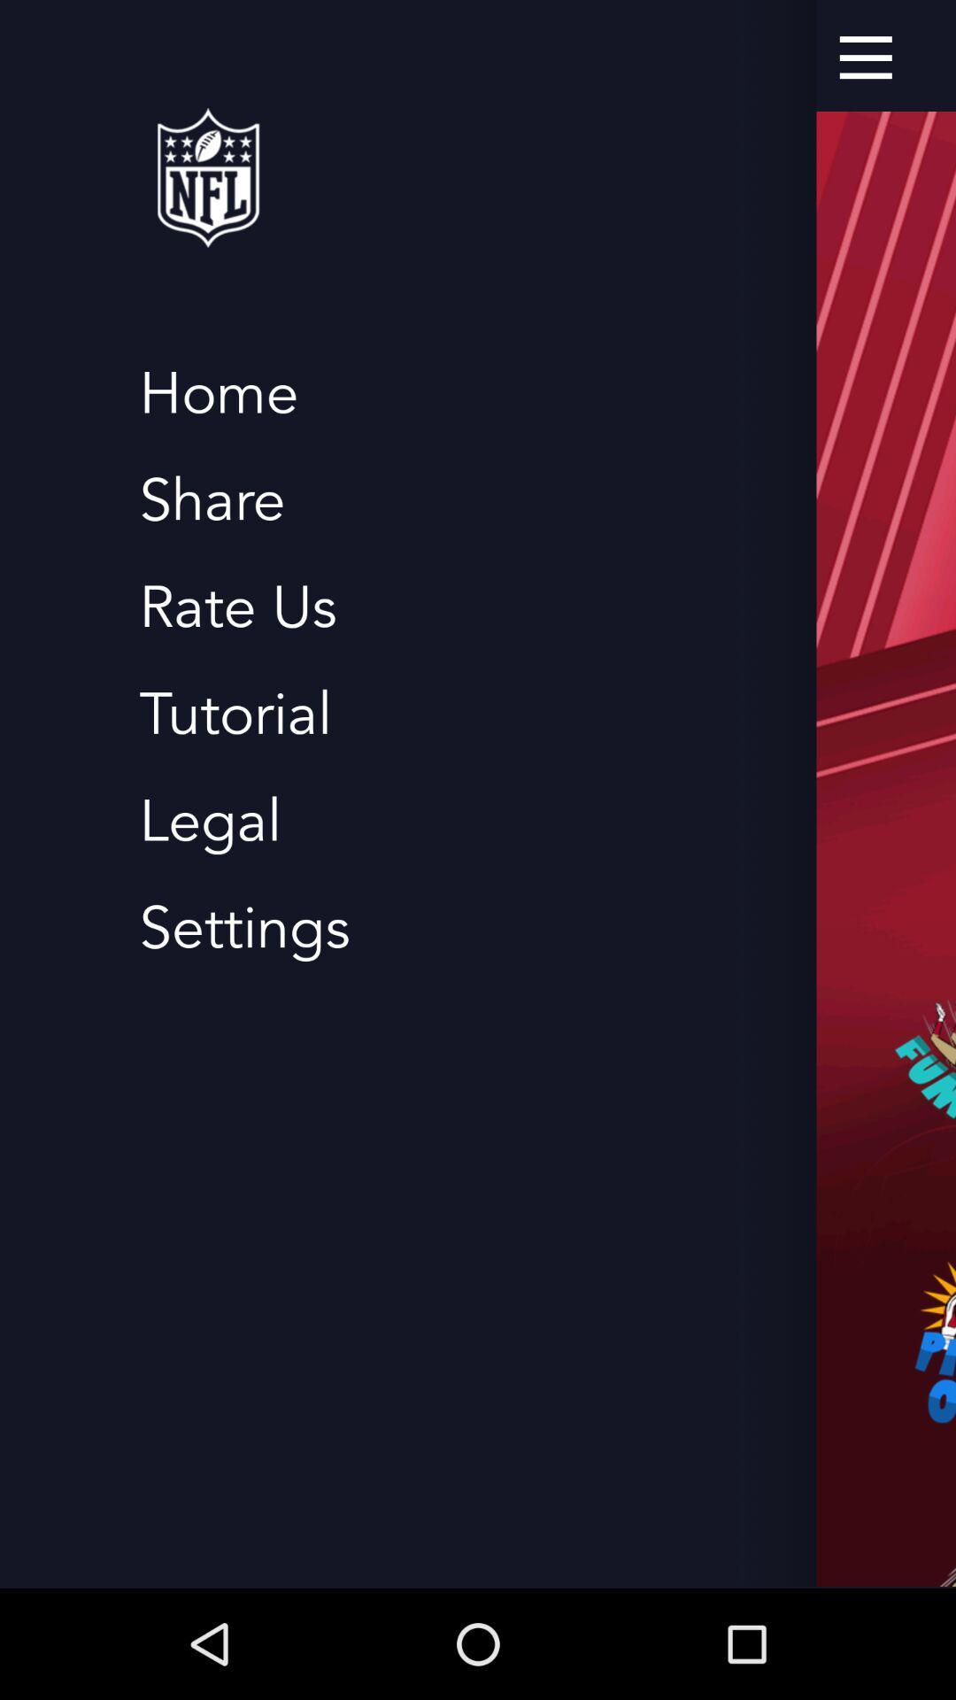  What do you see at coordinates (211, 500) in the screenshot?
I see `app below the home icon` at bounding box center [211, 500].